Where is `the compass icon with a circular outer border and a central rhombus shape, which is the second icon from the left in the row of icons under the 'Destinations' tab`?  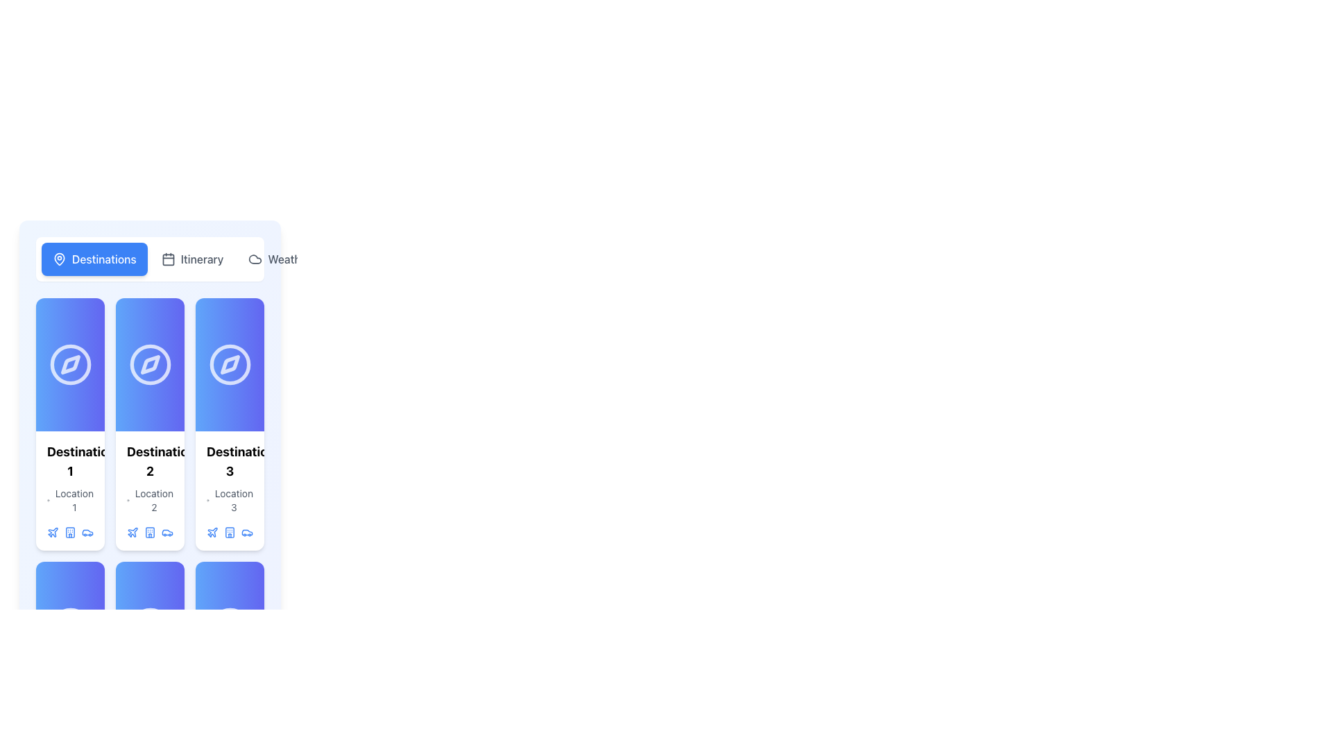 the compass icon with a circular outer border and a central rhombus shape, which is the second icon from the left in the row of icons under the 'Destinations' tab is located at coordinates (150, 363).